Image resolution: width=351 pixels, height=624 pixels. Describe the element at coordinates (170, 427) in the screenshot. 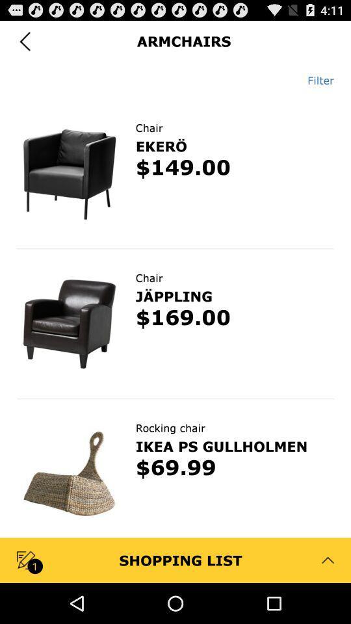

I see `rocking chair icon` at that location.